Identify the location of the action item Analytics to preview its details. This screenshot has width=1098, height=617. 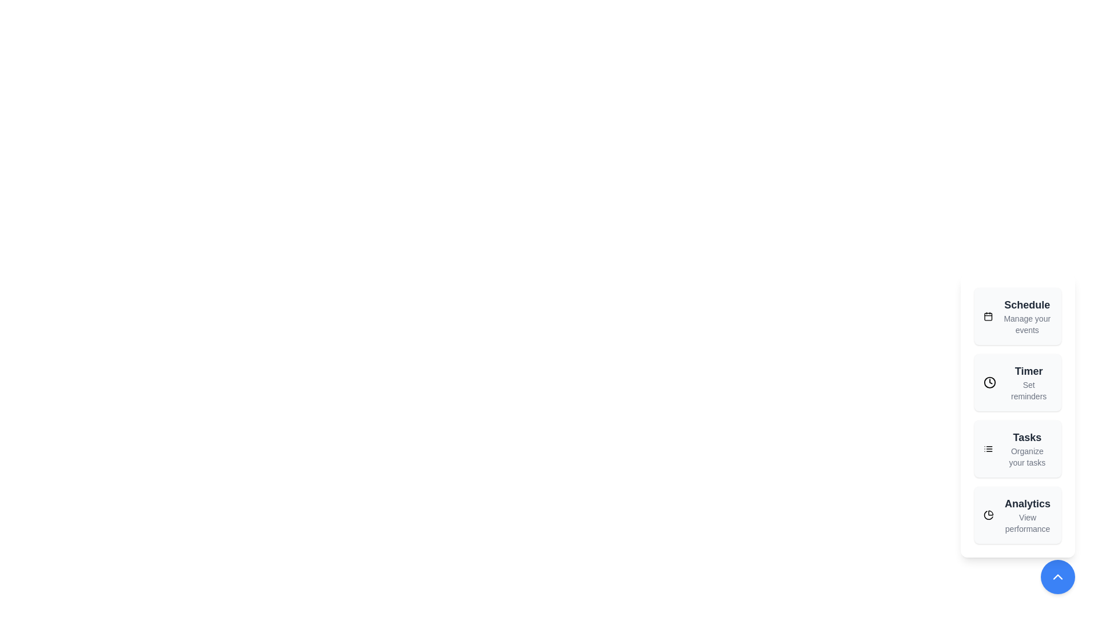
(1018, 515).